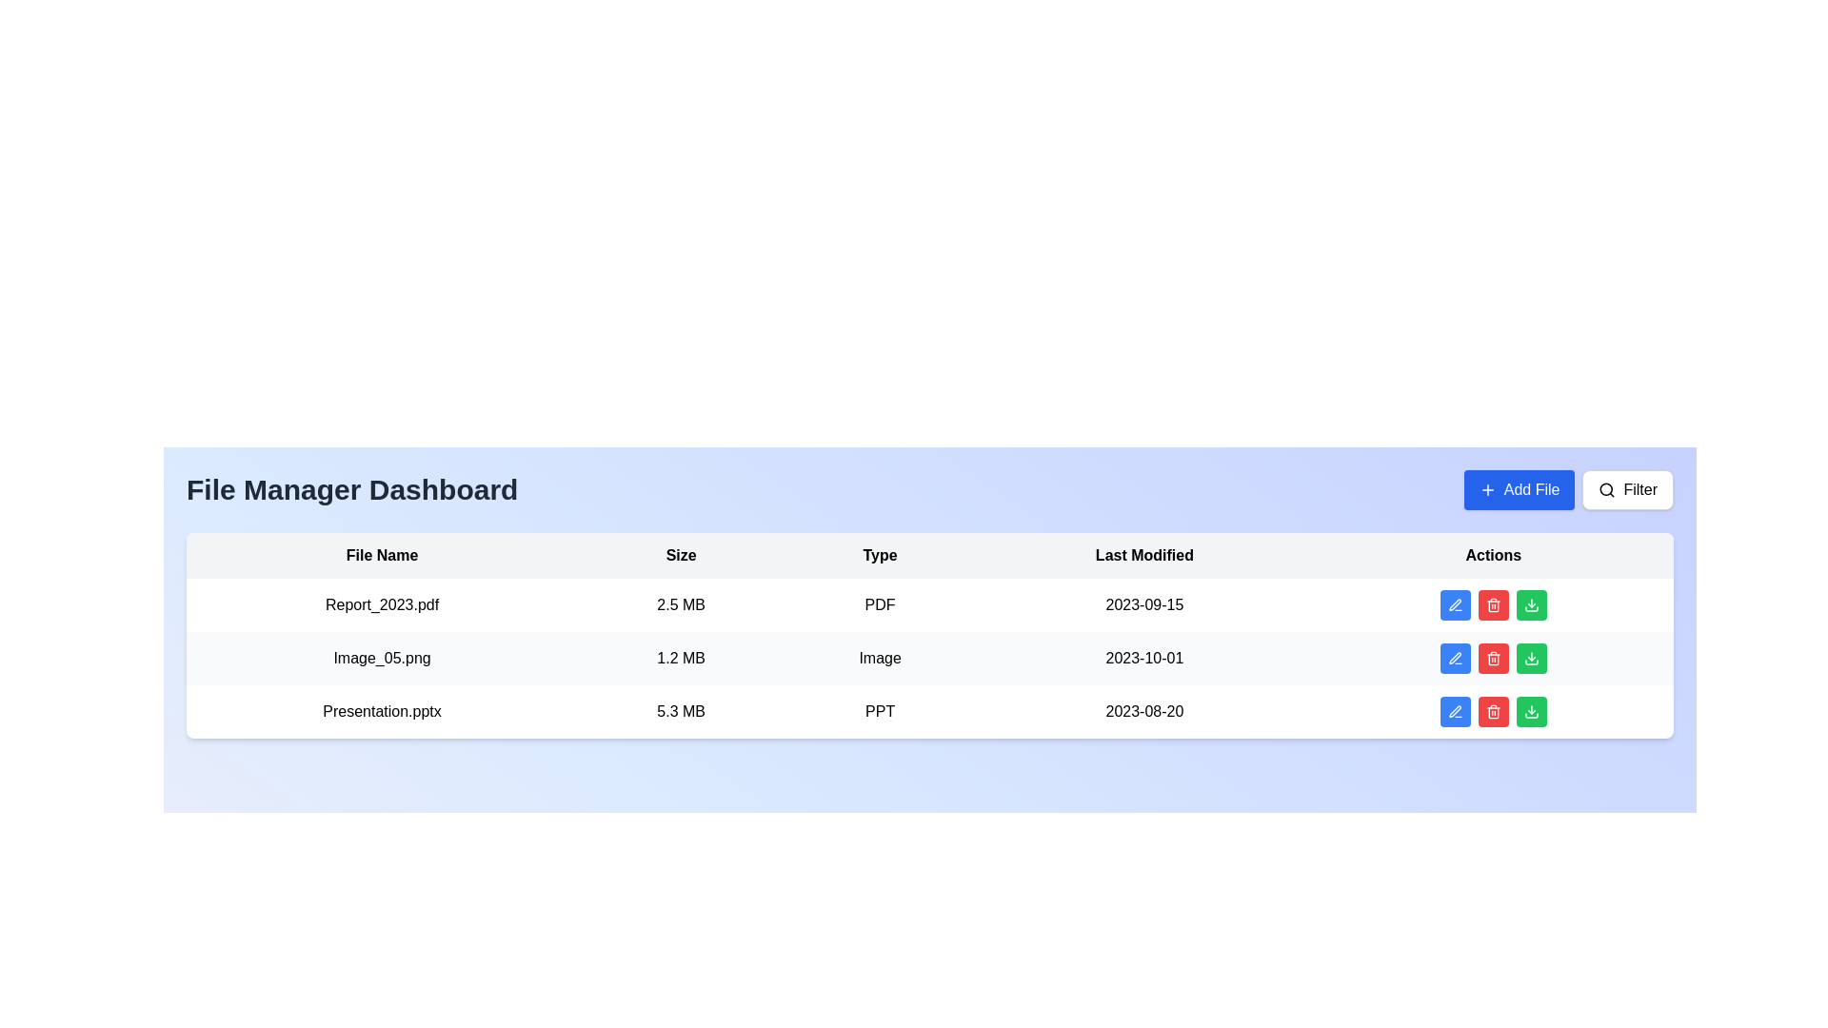 The height and width of the screenshot is (1028, 1828). I want to click on the edit button with an icon located in the 'Actions' column of the last row in the table, which triggers the edit functionality, so click(1454, 712).